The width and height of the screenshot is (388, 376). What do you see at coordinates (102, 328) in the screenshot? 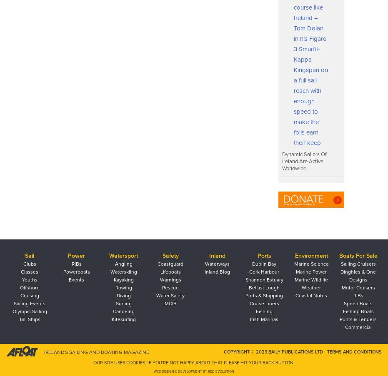
I see `'What is the organisation structure of the Performance Pathway?'` at bounding box center [102, 328].